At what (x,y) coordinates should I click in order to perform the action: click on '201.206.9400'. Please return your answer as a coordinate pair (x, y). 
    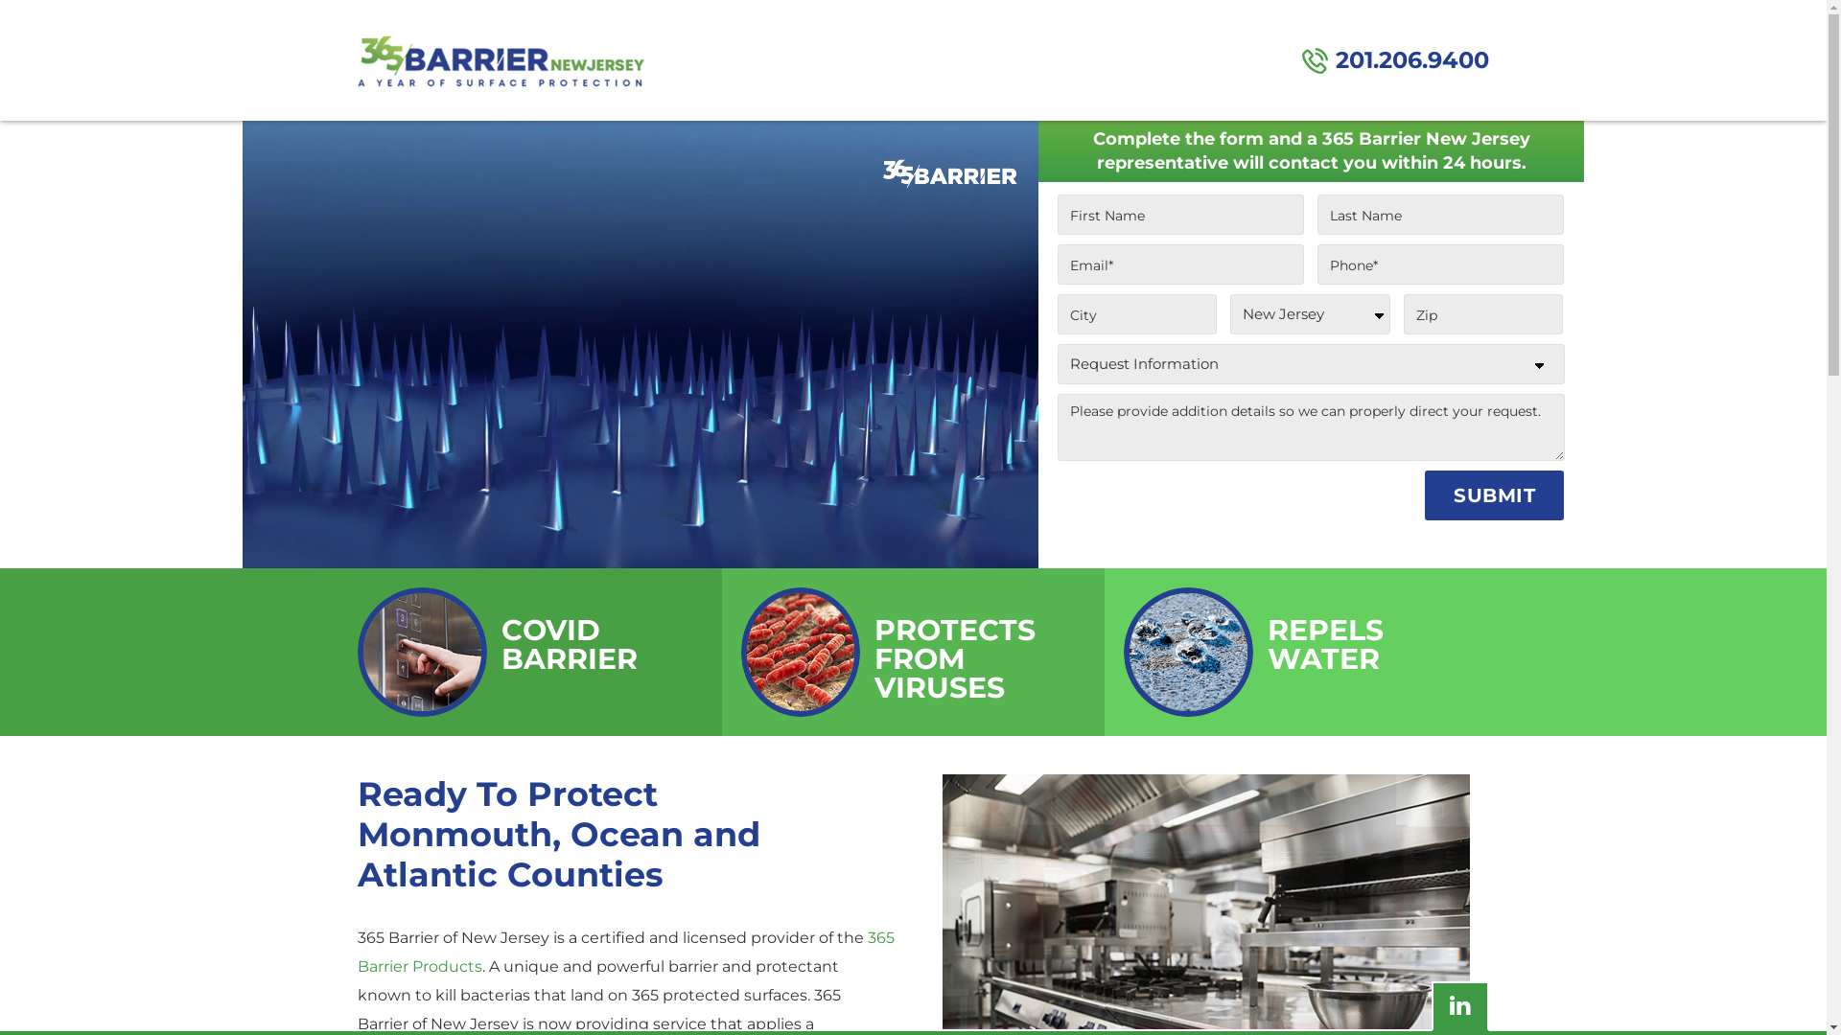
    Looking at the image, I should click on (1395, 58).